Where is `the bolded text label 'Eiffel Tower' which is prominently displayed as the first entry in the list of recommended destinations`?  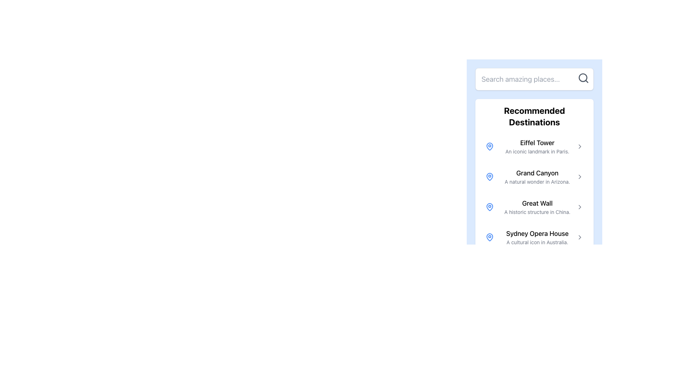 the bolded text label 'Eiffel Tower' which is prominently displayed as the first entry in the list of recommended destinations is located at coordinates (537, 143).